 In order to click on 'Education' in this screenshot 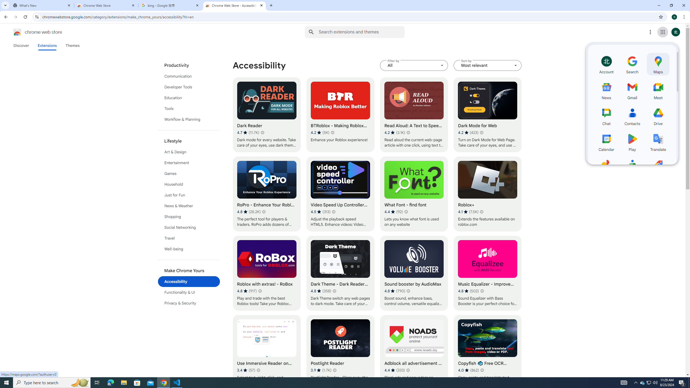, I will do `click(189, 97)`.